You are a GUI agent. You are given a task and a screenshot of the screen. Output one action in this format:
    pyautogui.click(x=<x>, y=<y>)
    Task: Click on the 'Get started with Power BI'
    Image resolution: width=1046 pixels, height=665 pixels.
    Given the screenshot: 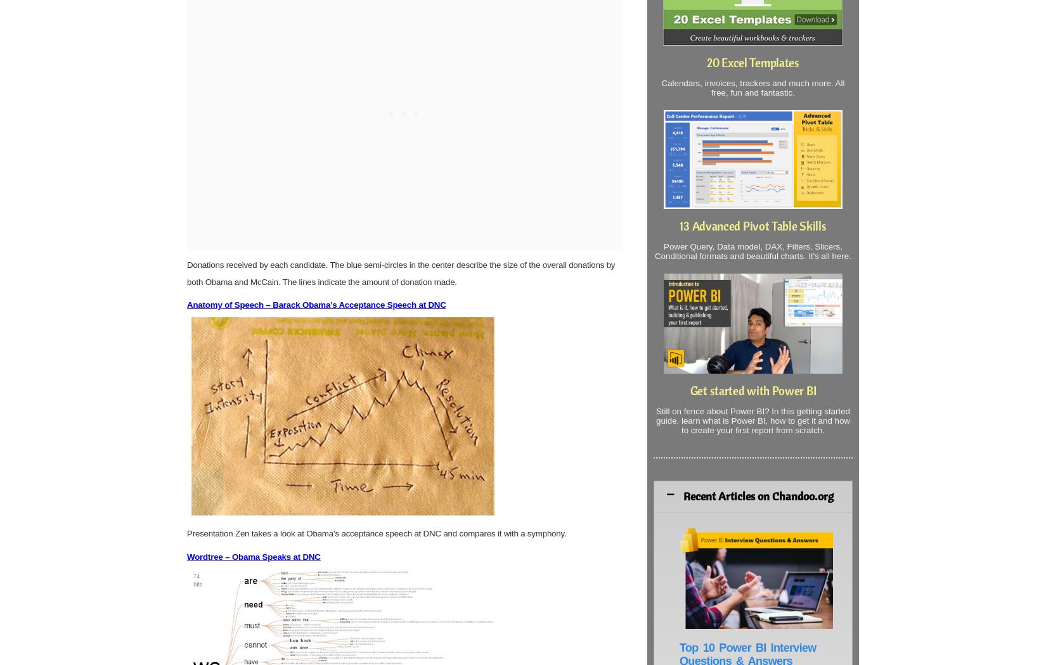 What is the action you would take?
    pyautogui.click(x=752, y=390)
    